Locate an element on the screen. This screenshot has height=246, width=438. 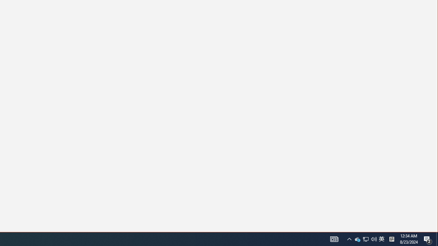
'User Promoted Notification Area' is located at coordinates (365, 238).